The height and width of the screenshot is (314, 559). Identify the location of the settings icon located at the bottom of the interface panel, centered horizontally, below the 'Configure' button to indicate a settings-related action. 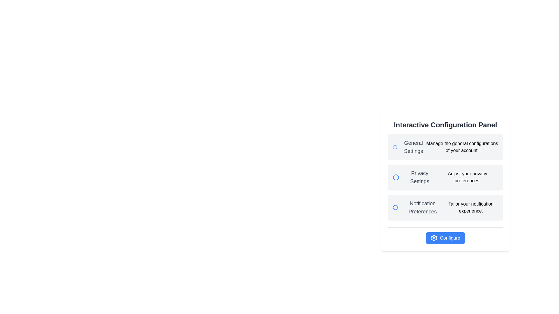
(434, 238).